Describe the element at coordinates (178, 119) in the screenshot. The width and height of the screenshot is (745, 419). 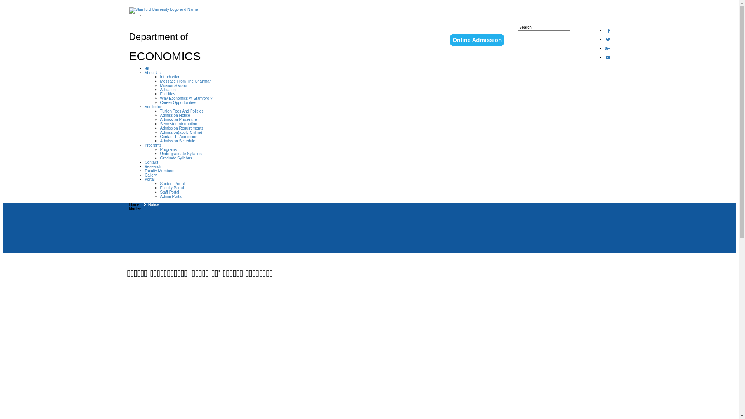
I see `'Admission Procedure'` at that location.